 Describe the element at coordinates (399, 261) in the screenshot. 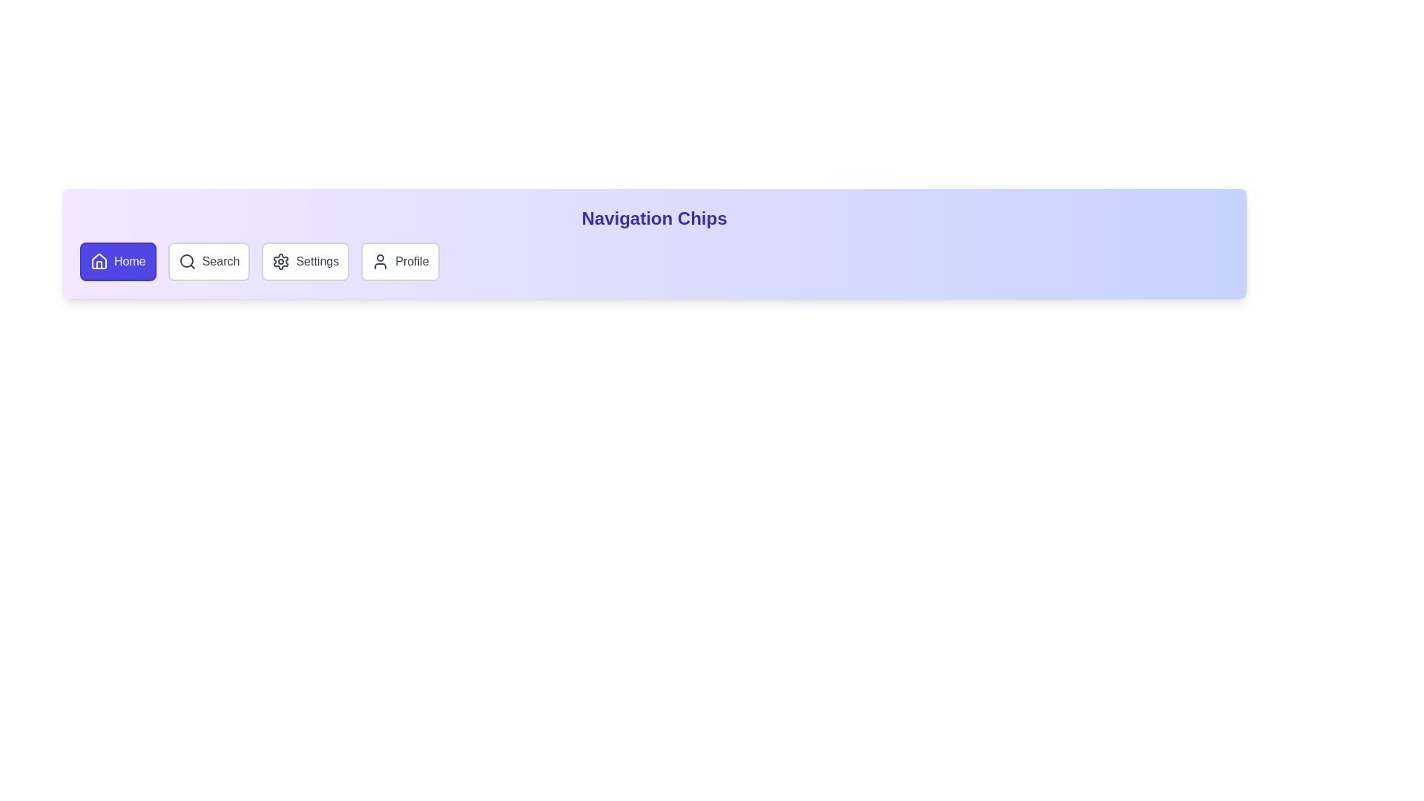

I see `the chip labeled Profile to observe the hover effect` at that location.